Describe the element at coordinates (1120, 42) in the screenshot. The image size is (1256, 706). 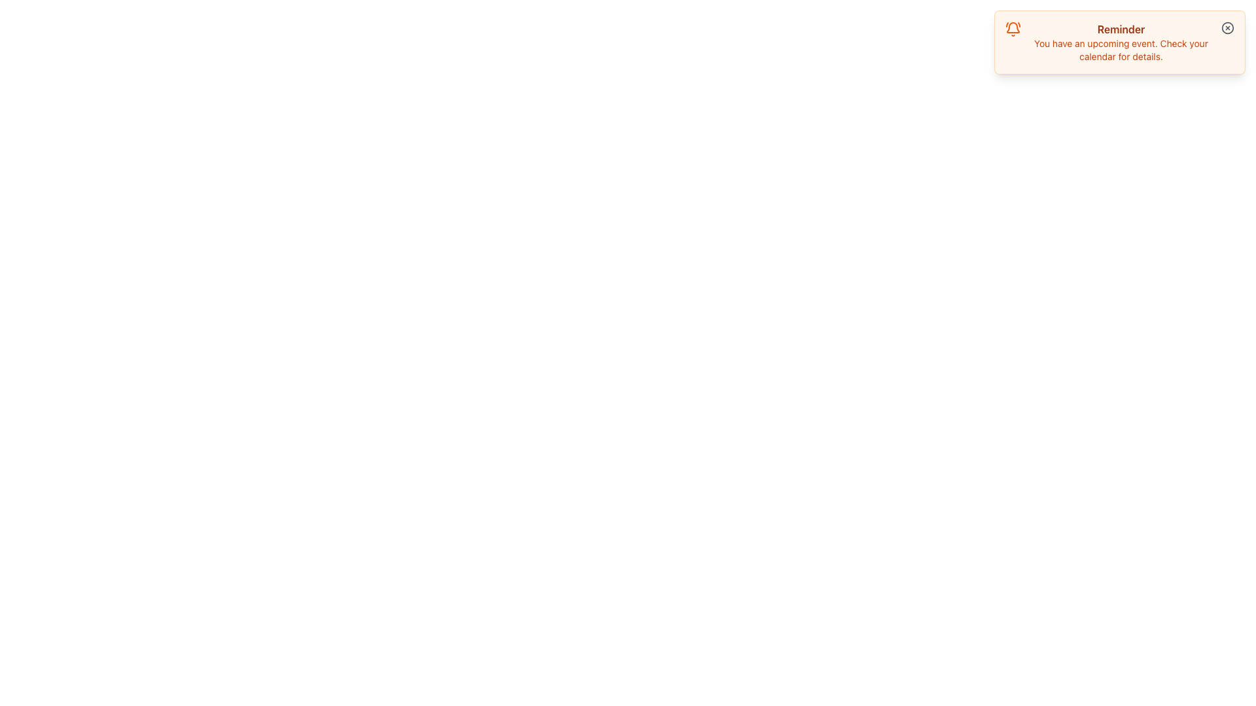
I see `the Text Block displaying 'Reminder' and 'You have an upcoming event. Check your calendar for details.'` at that location.